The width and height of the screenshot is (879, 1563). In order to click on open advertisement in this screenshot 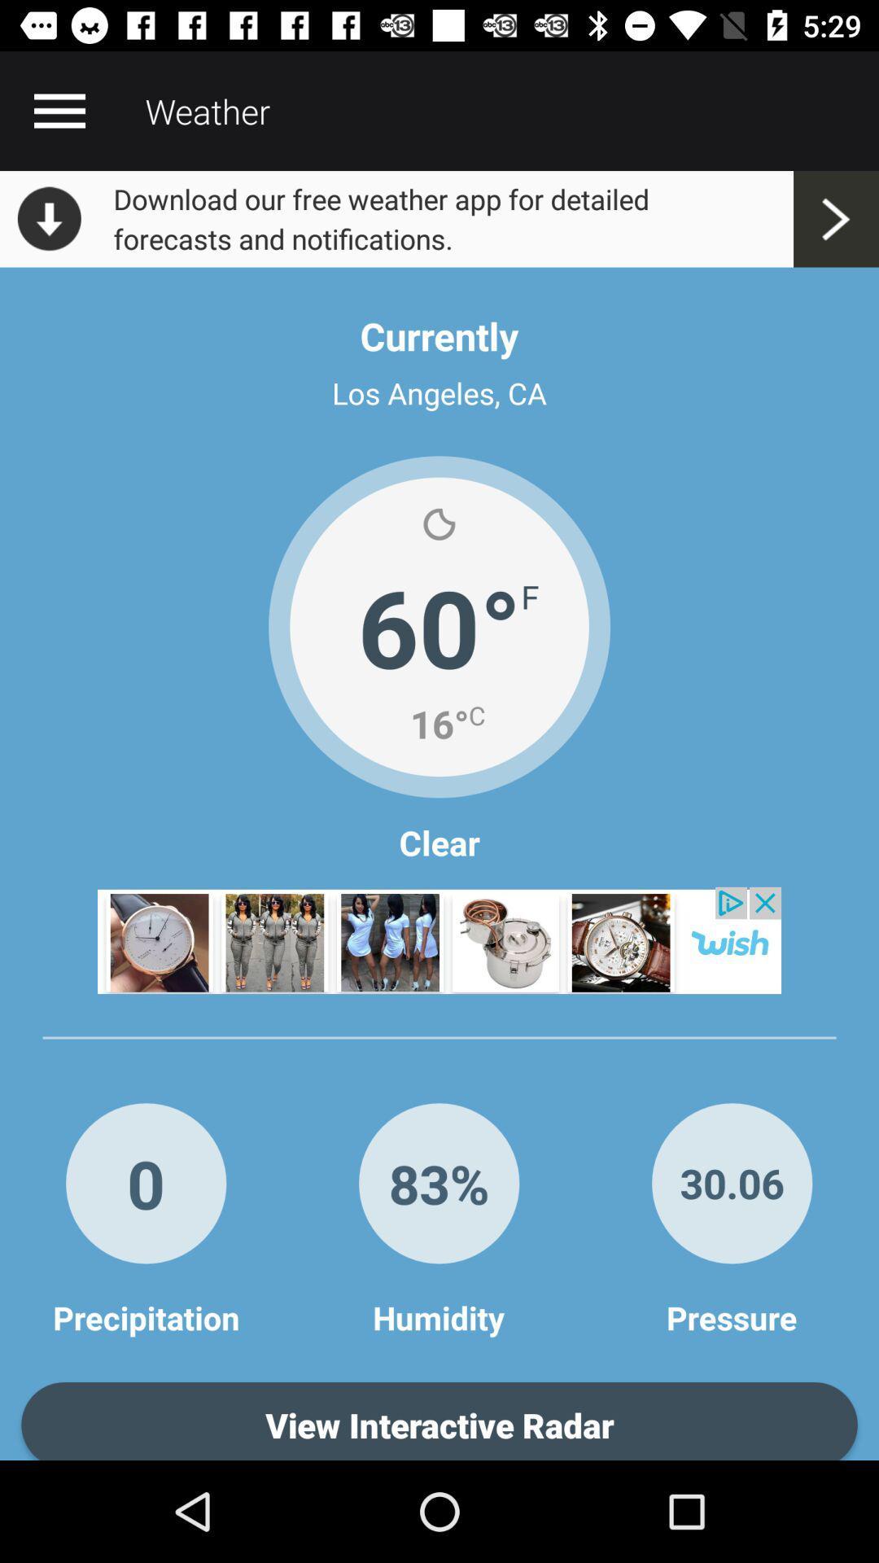, I will do `click(439, 940)`.